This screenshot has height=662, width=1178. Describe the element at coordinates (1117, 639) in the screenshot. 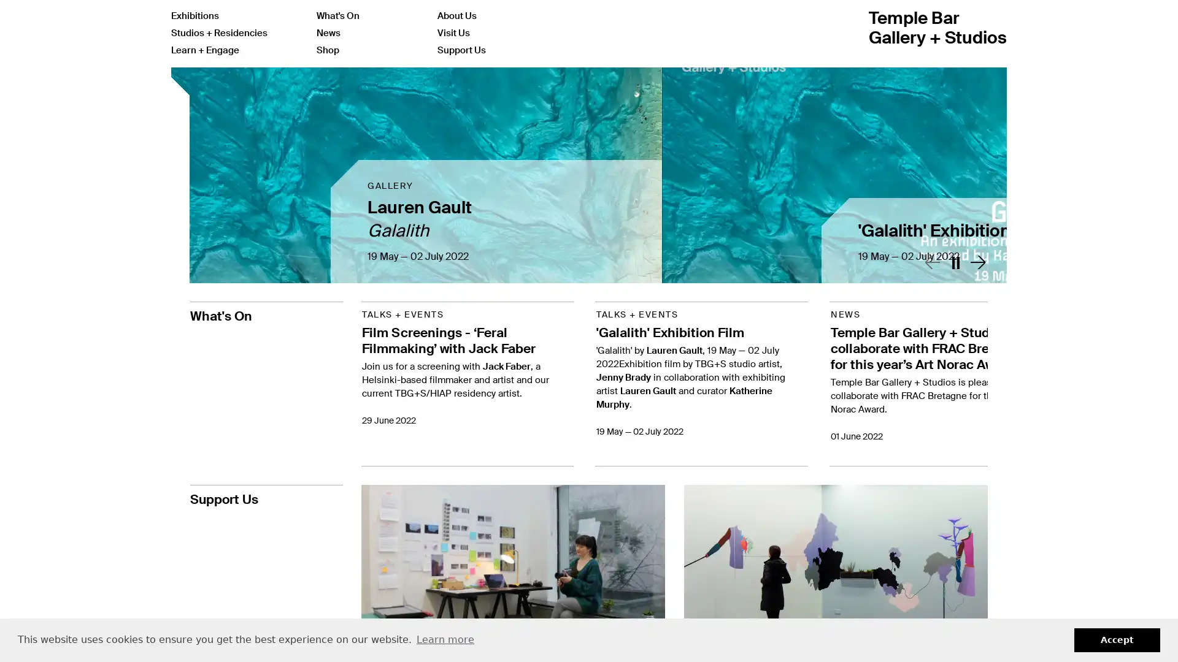

I see `dismiss cookie message` at that location.